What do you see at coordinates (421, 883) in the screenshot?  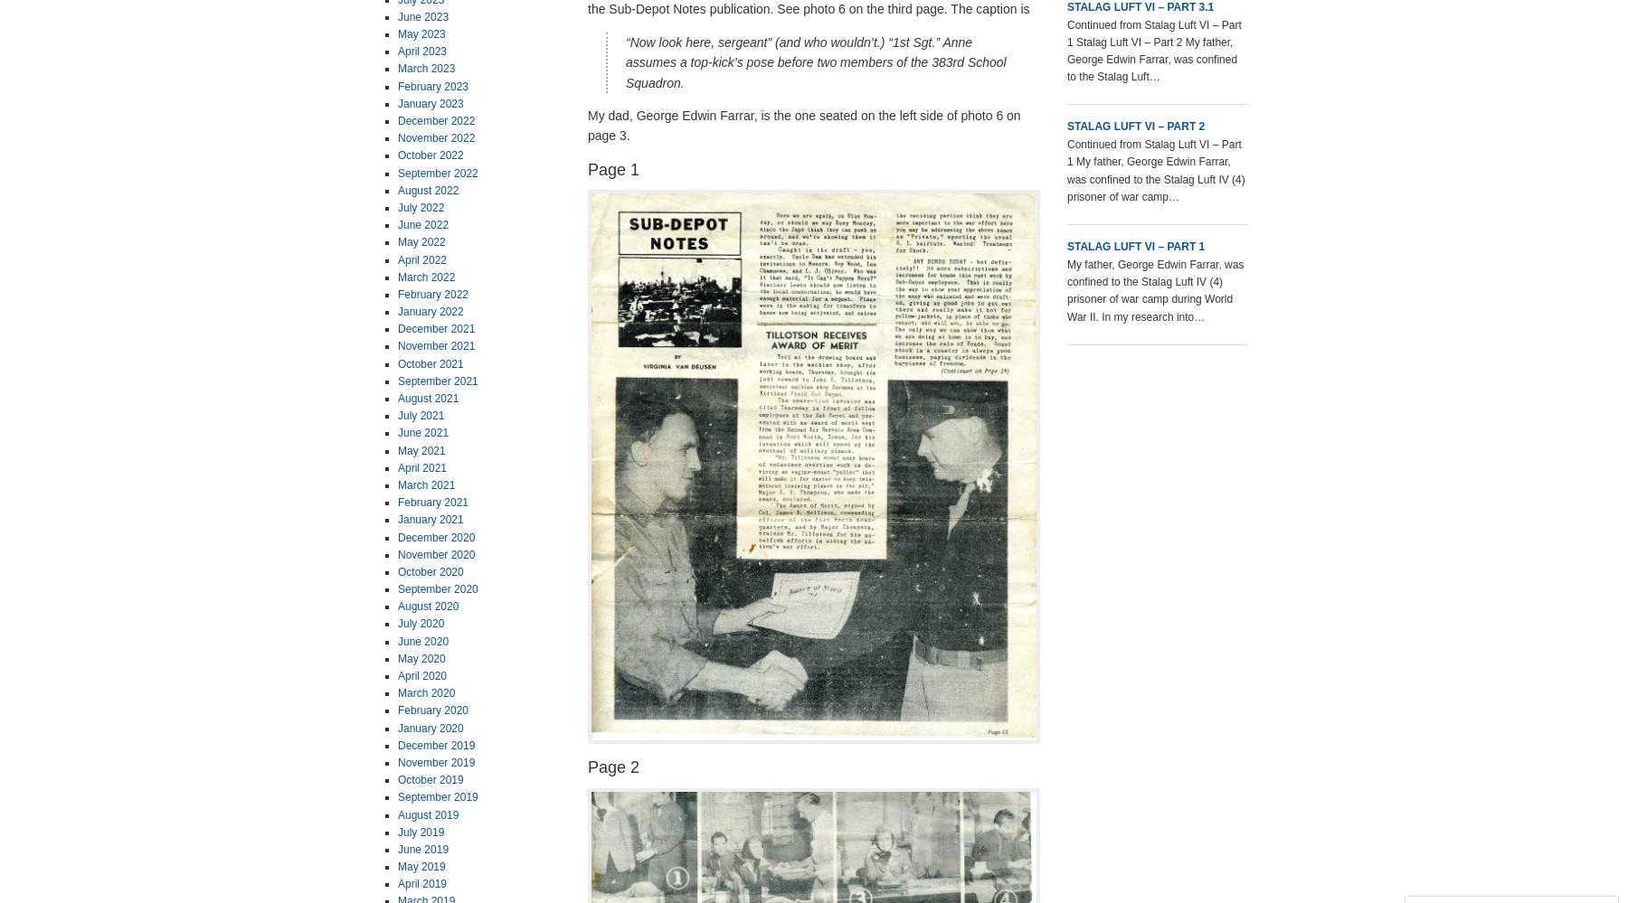 I see `'April 2019'` at bounding box center [421, 883].